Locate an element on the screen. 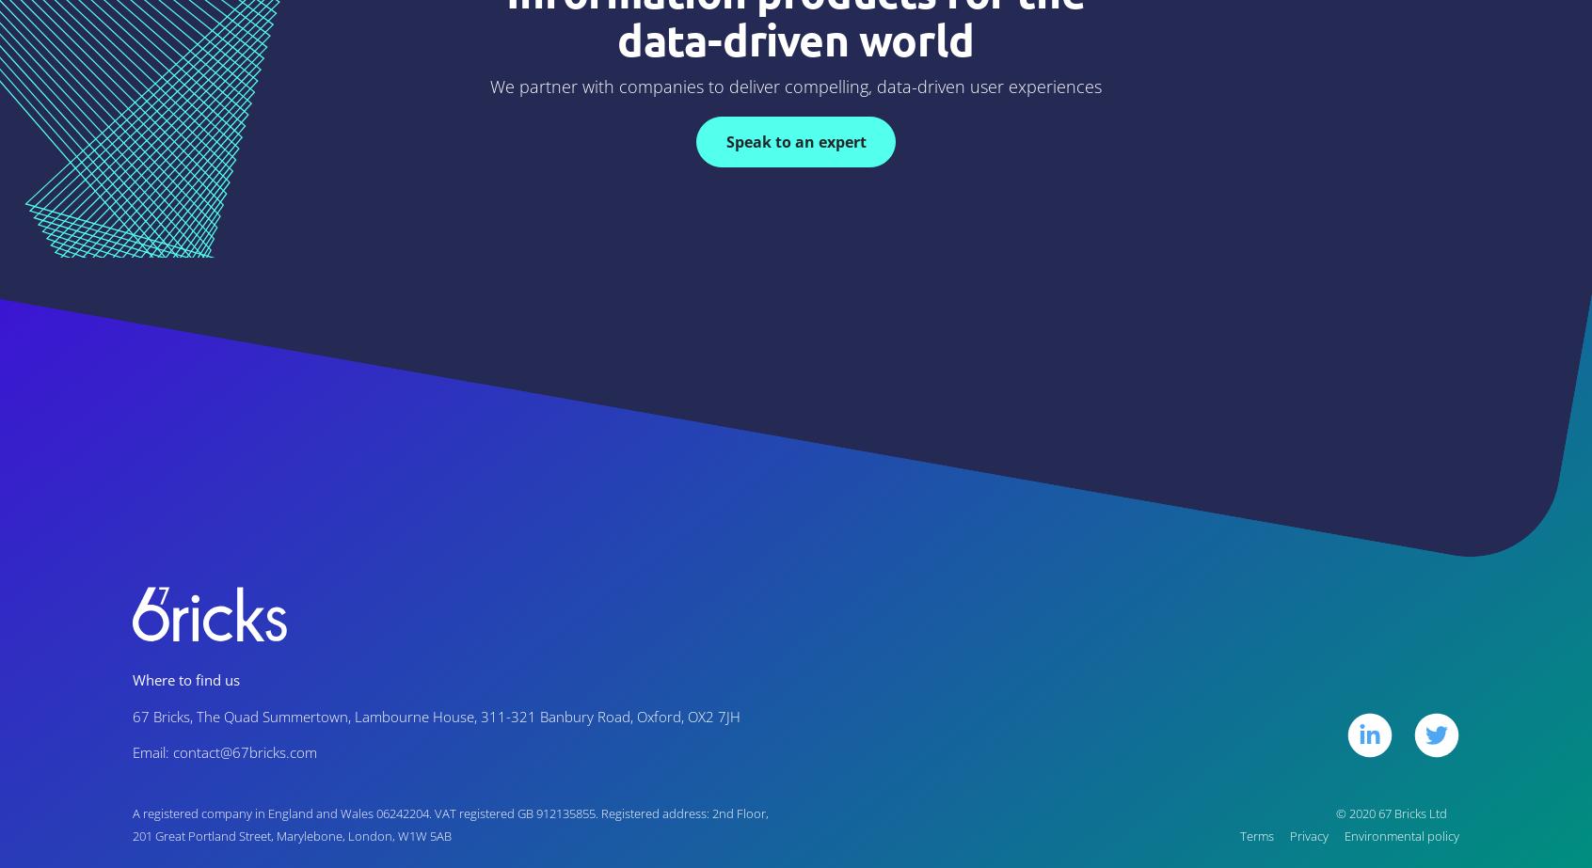  'contact@67bricks.com' is located at coordinates (245, 750).